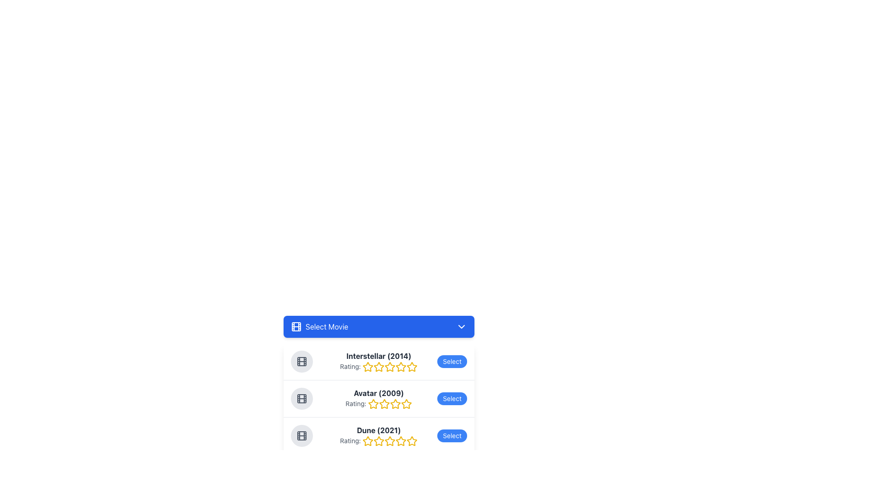 The height and width of the screenshot is (495, 881). What do you see at coordinates (385, 404) in the screenshot?
I see `the third star icon in the rating interface for the movie Avatar (2009)` at bounding box center [385, 404].